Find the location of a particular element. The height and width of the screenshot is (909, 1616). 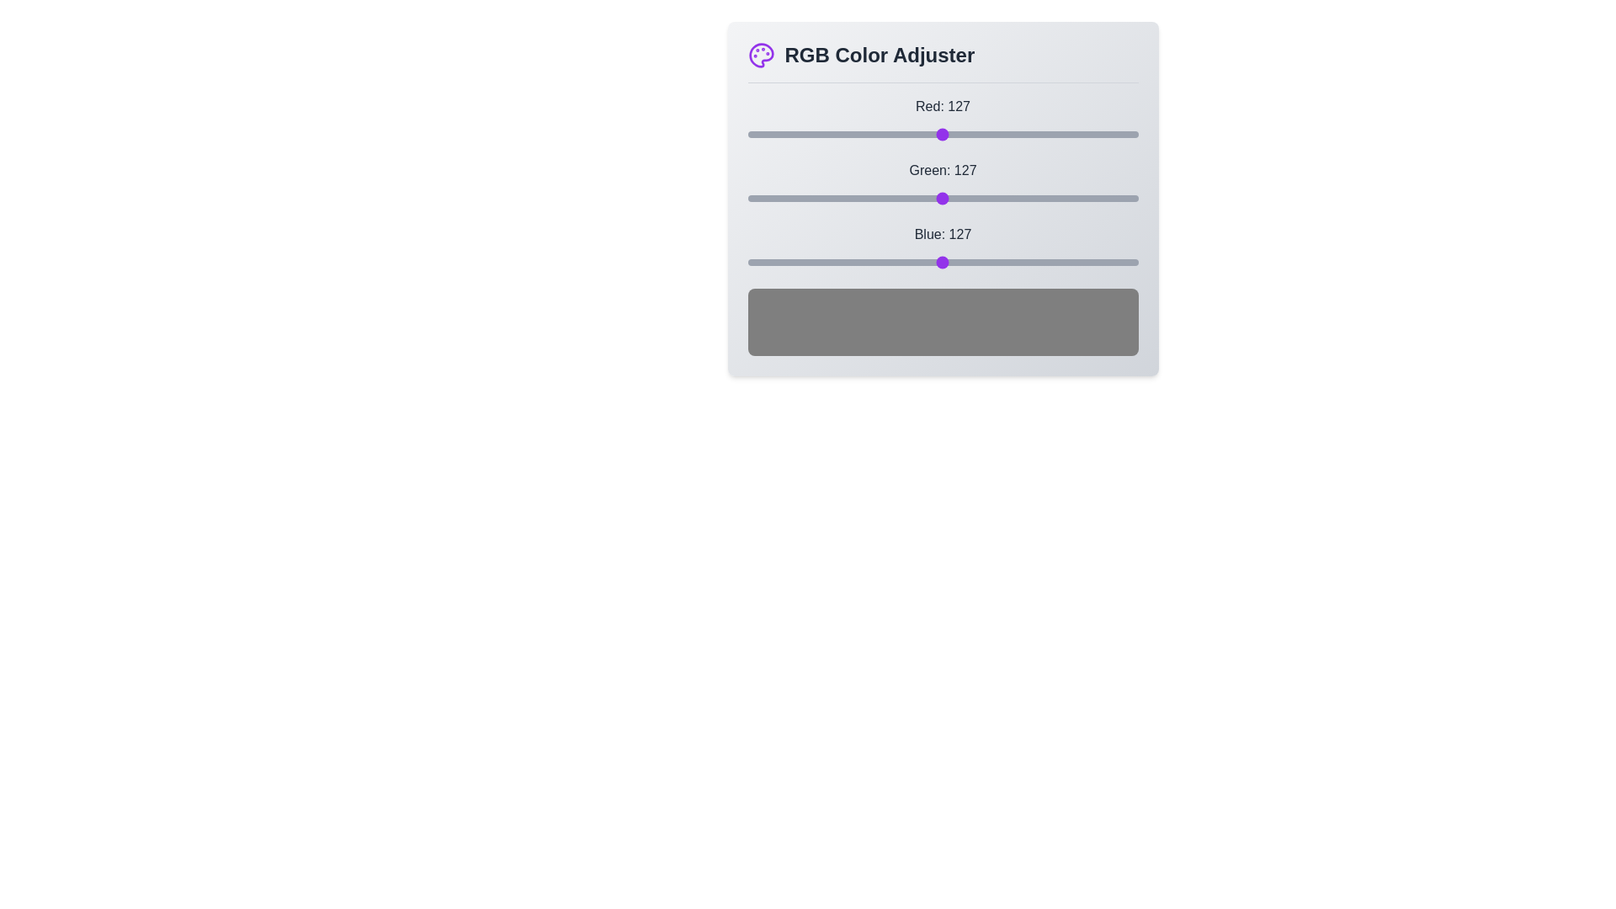

the blue slider to 62 by dragging the slider is located at coordinates (843, 263).